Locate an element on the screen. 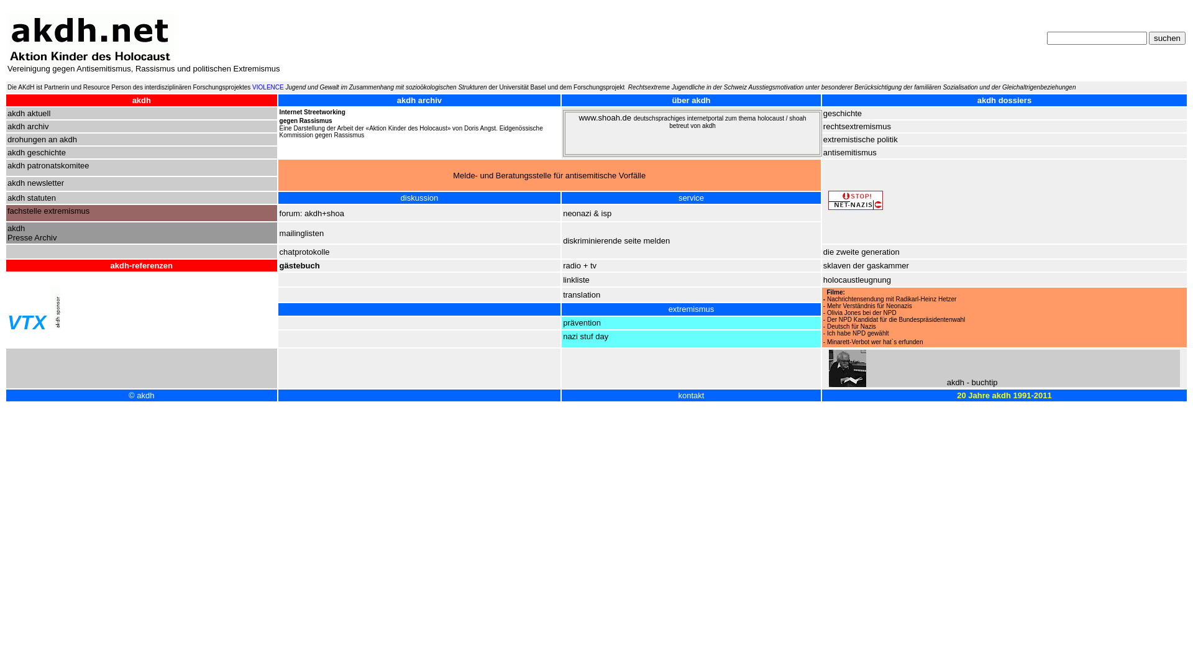 Image resolution: width=1193 pixels, height=671 pixels. 'akdh geschichte' is located at coordinates (36, 152).